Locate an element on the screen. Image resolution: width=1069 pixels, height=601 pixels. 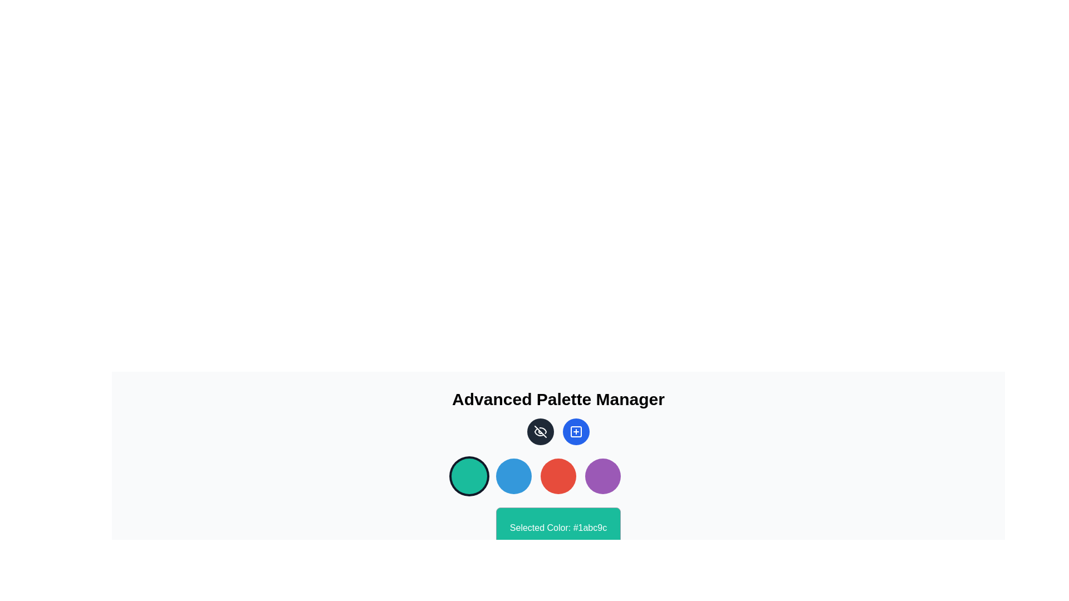
the '+' button located in the 'Advanced Palette Manager' section, which is the second circular icon from the left is located at coordinates (576, 431).